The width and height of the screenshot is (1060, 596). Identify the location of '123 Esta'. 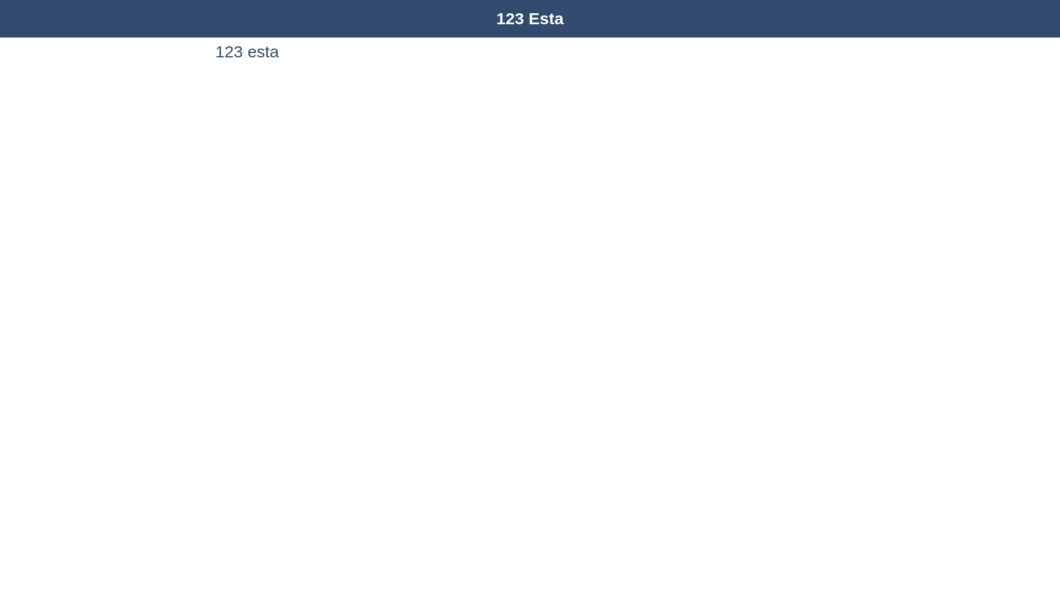
(530, 18).